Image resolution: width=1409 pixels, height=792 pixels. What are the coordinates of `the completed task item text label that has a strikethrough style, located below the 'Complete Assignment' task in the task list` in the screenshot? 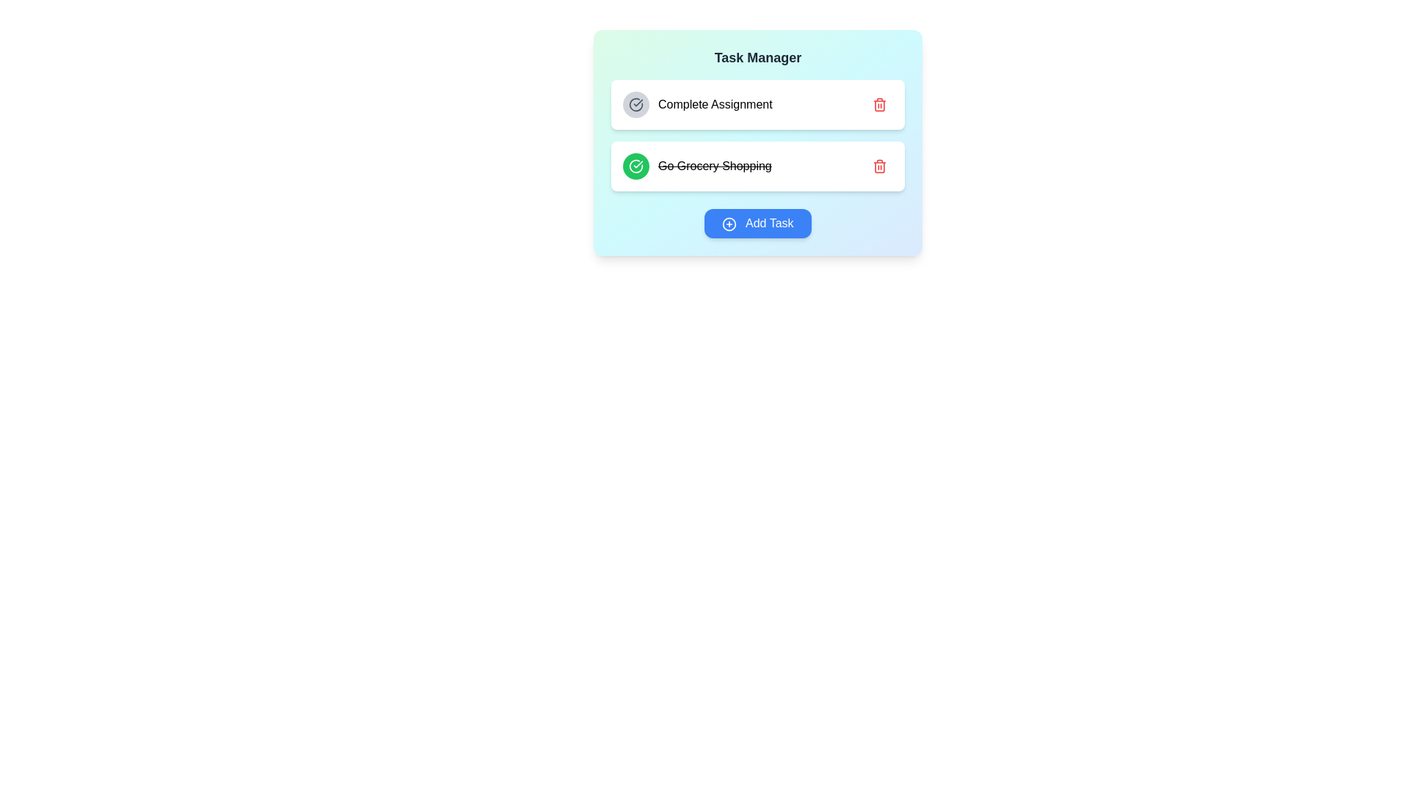 It's located at (715, 166).